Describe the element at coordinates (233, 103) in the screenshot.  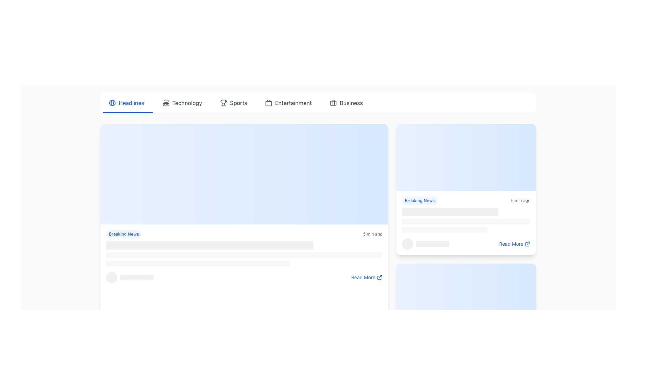
I see `the Navigation Tab labeled 'Sports'` at that location.